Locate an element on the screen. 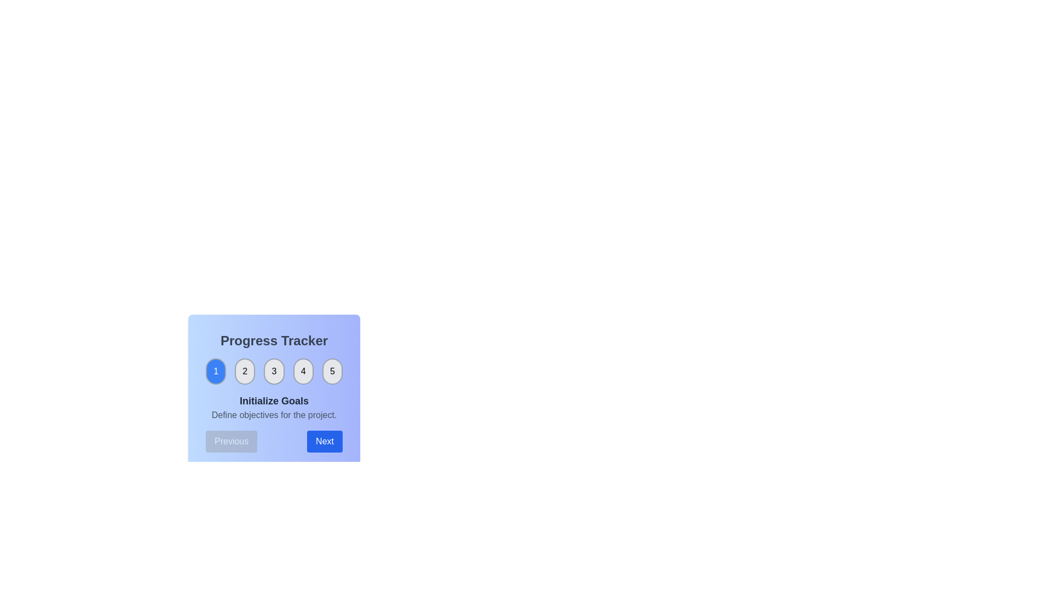  the 'Next' button to navigate to the next step in the progress tracker is located at coordinates (324, 441).